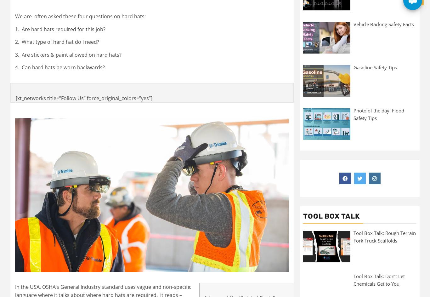 The height and width of the screenshot is (297, 430). Describe the element at coordinates (15, 98) in the screenshot. I see `'[xt_networks title=”Follow Us” force_original_colors=”yes”]'` at that location.